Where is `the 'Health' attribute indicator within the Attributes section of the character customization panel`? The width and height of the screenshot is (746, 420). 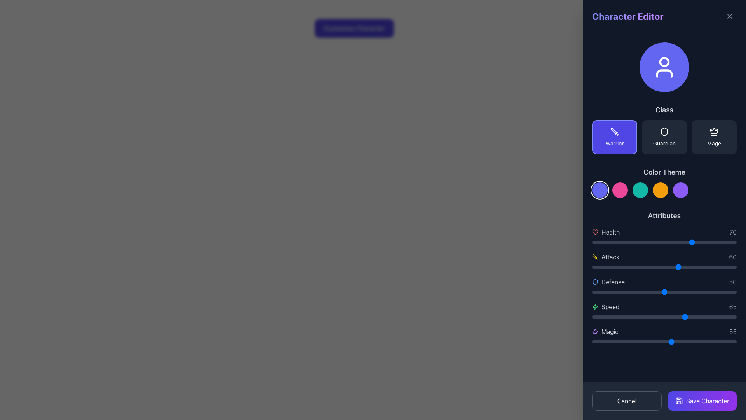 the 'Health' attribute indicator within the Attributes section of the character customization panel is located at coordinates (664, 232).